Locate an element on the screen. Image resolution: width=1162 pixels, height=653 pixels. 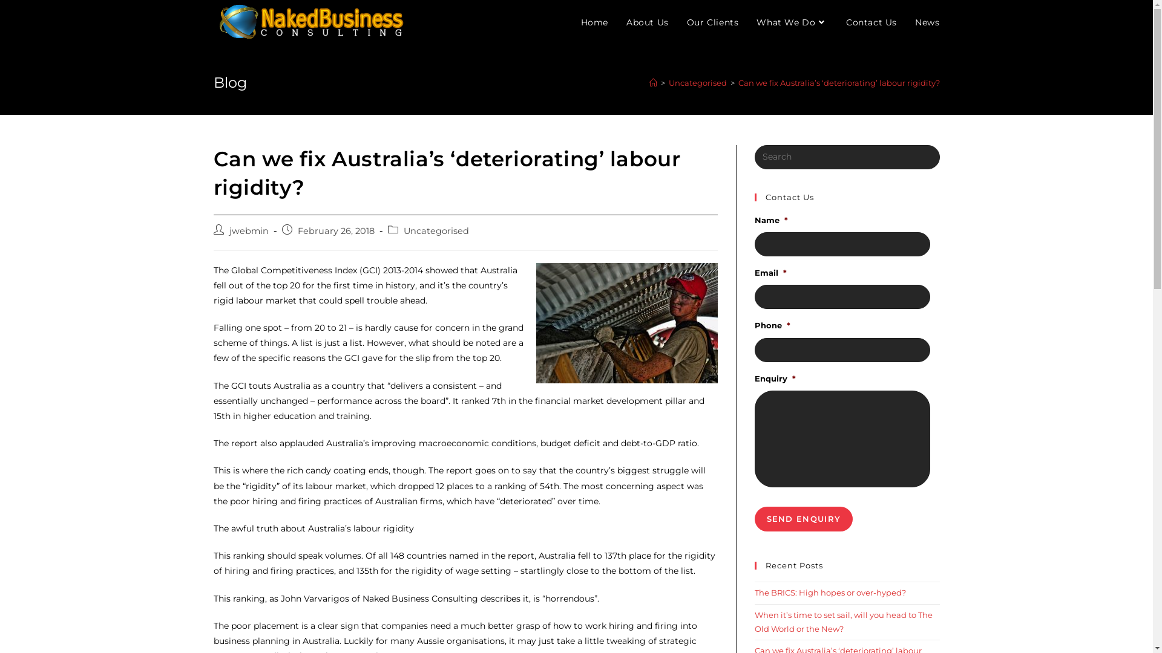
'The BRICS: High hopes or over-hyped?' is located at coordinates (753, 591).